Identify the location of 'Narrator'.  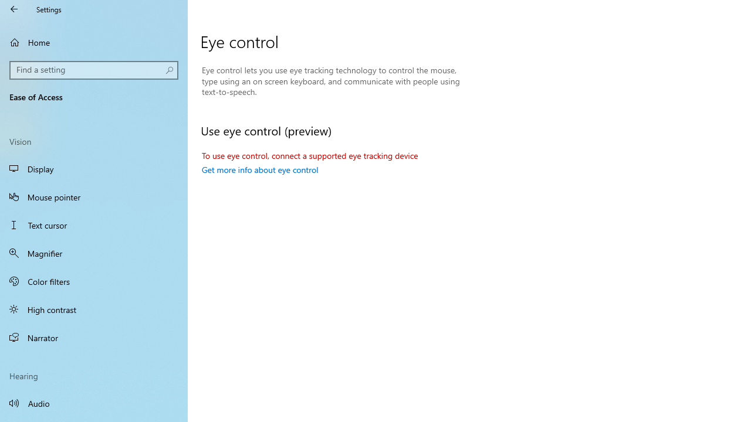
(94, 338).